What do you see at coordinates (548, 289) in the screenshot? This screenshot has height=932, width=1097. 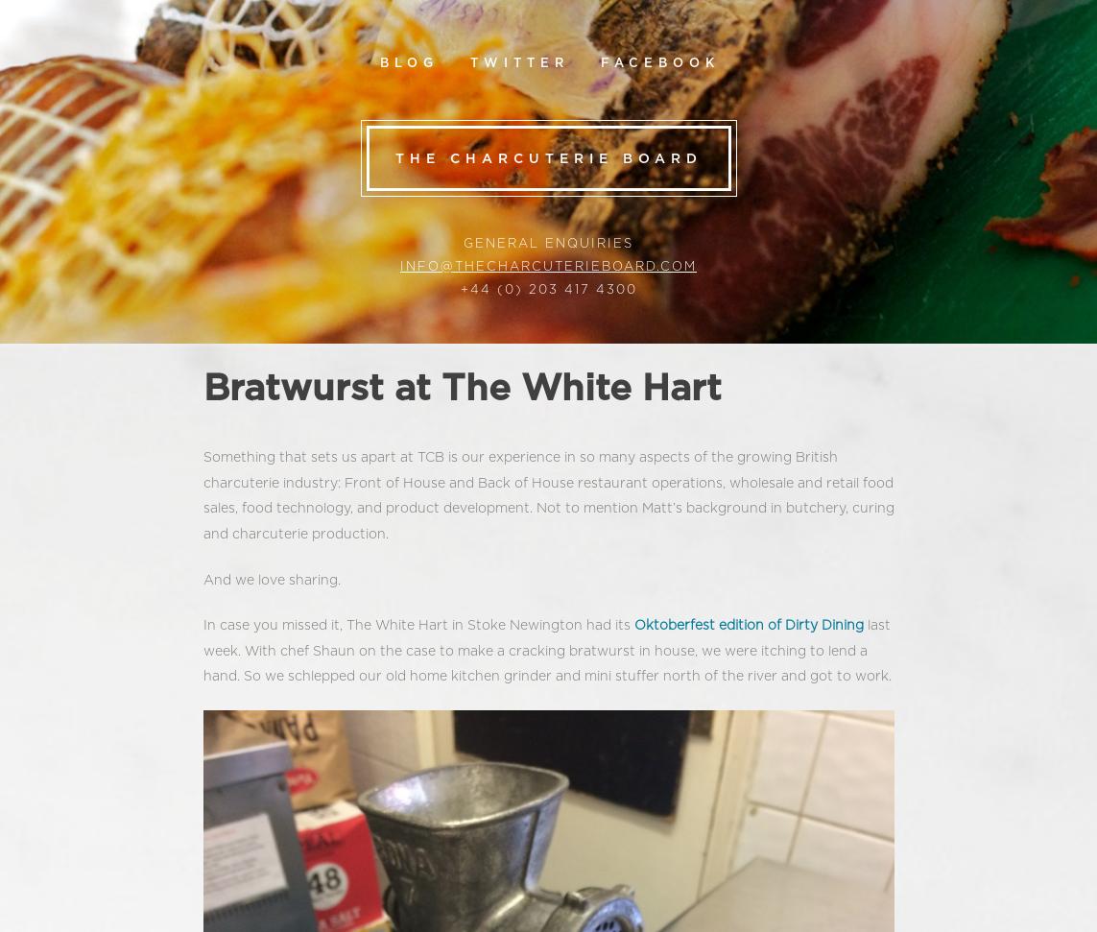 I see `'+44 (0) 203 417 4300'` at bounding box center [548, 289].